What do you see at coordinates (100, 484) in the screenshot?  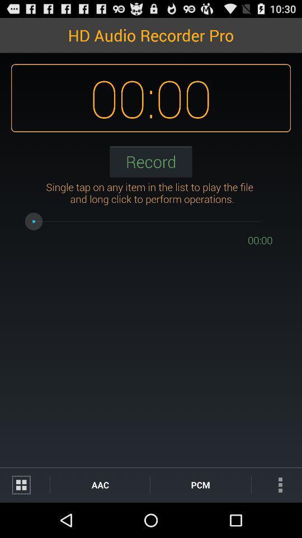 I see `icon next to the pcm` at bounding box center [100, 484].